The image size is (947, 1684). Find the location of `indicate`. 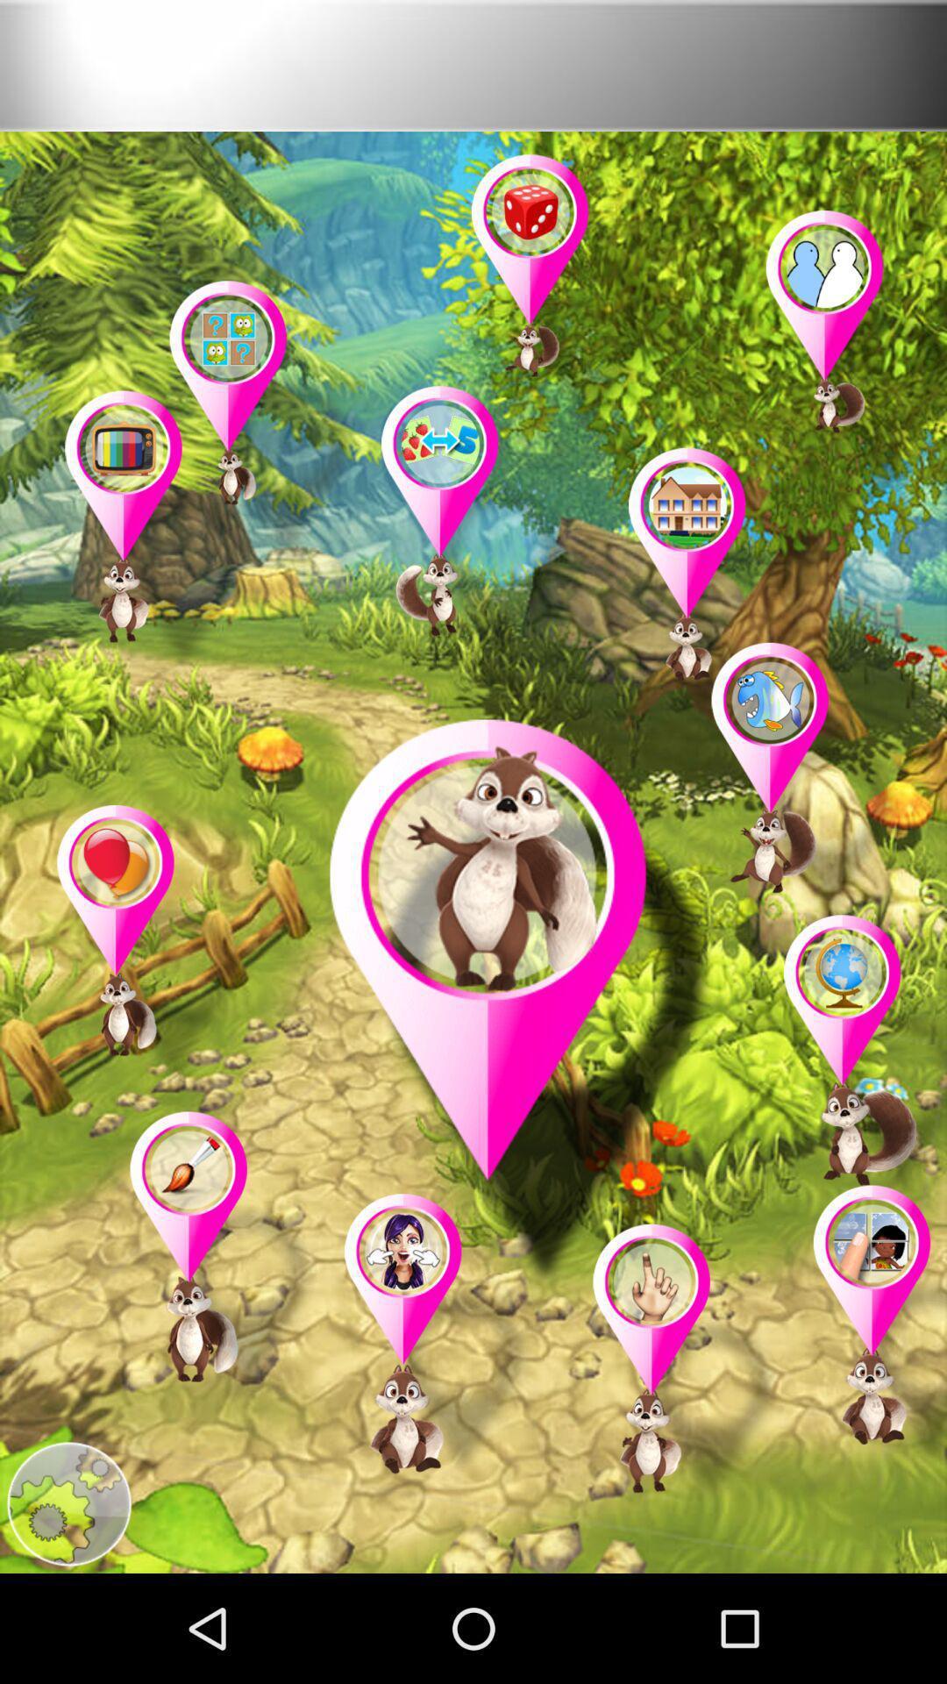

indicate is located at coordinates (806, 786).